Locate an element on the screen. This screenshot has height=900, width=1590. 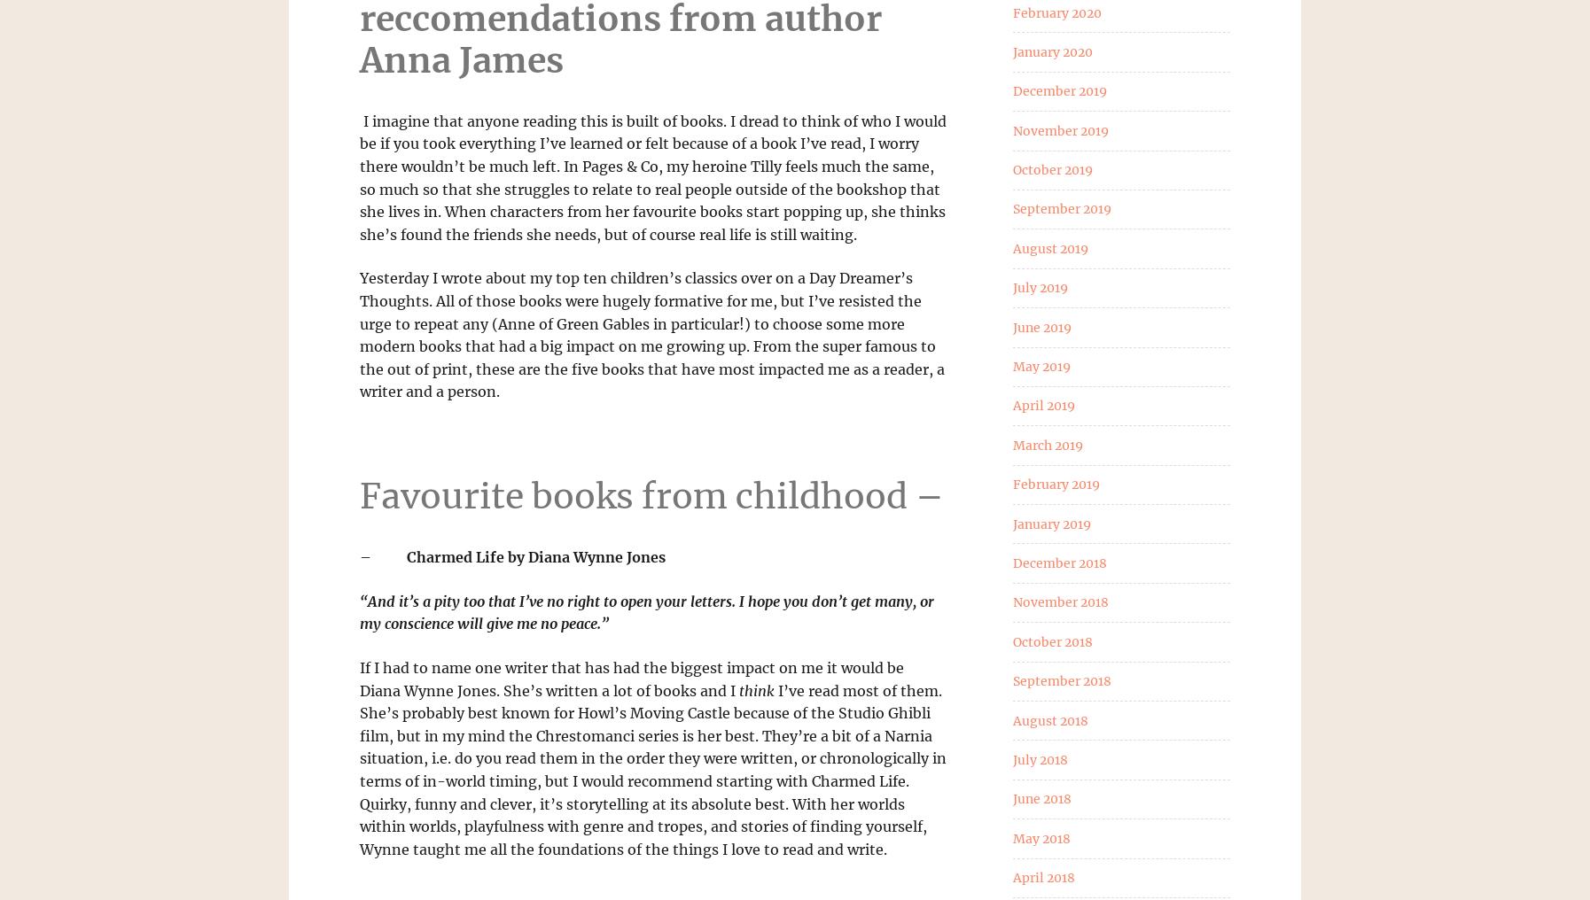
'November 2019' is located at coordinates (1011, 129).